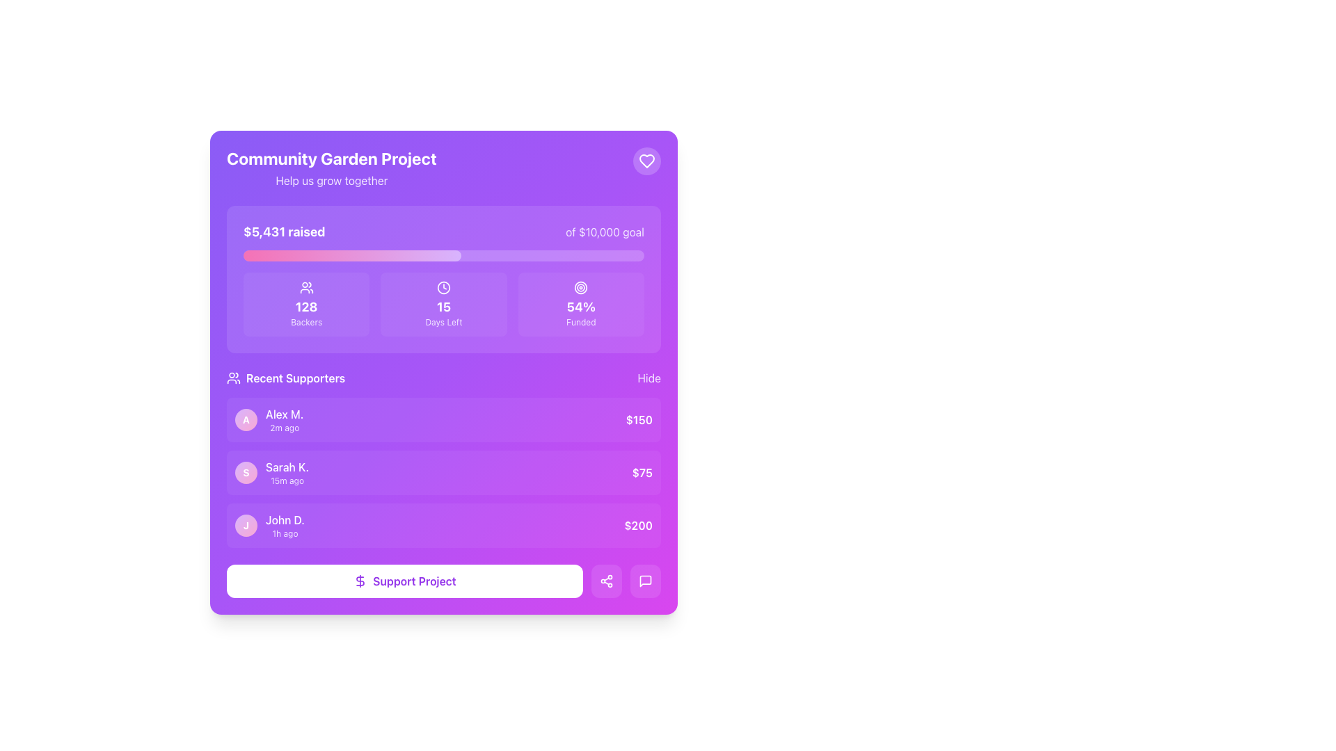 This screenshot has width=1336, height=751. Describe the element at coordinates (246, 471) in the screenshot. I see `the circular profile avatar icon featuring a gradient background and the letter 'S' in the 'Recent Supporters' section` at that location.